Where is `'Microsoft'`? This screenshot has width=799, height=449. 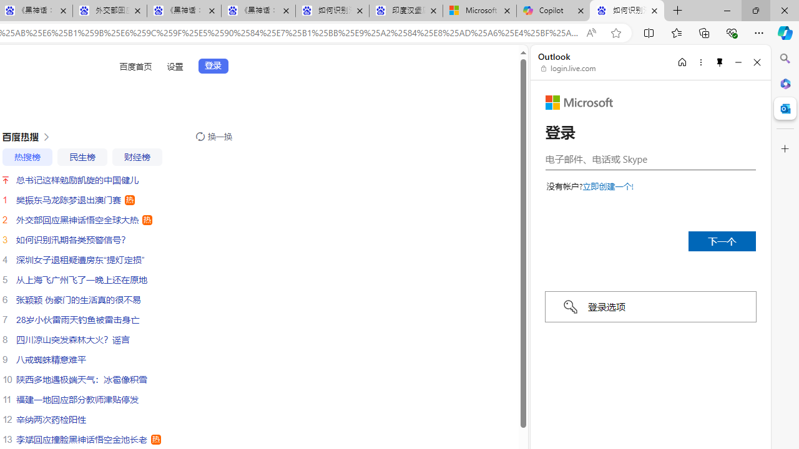 'Microsoft' is located at coordinates (579, 102).